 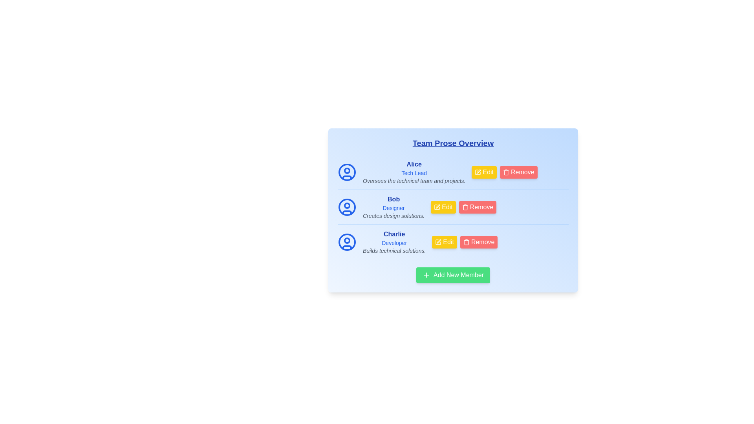 I want to click on the yellow 'Edit' button with rounded corners and a pen icon, located at the right side of the row for 'Alice' in the team members list, so click(x=484, y=172).